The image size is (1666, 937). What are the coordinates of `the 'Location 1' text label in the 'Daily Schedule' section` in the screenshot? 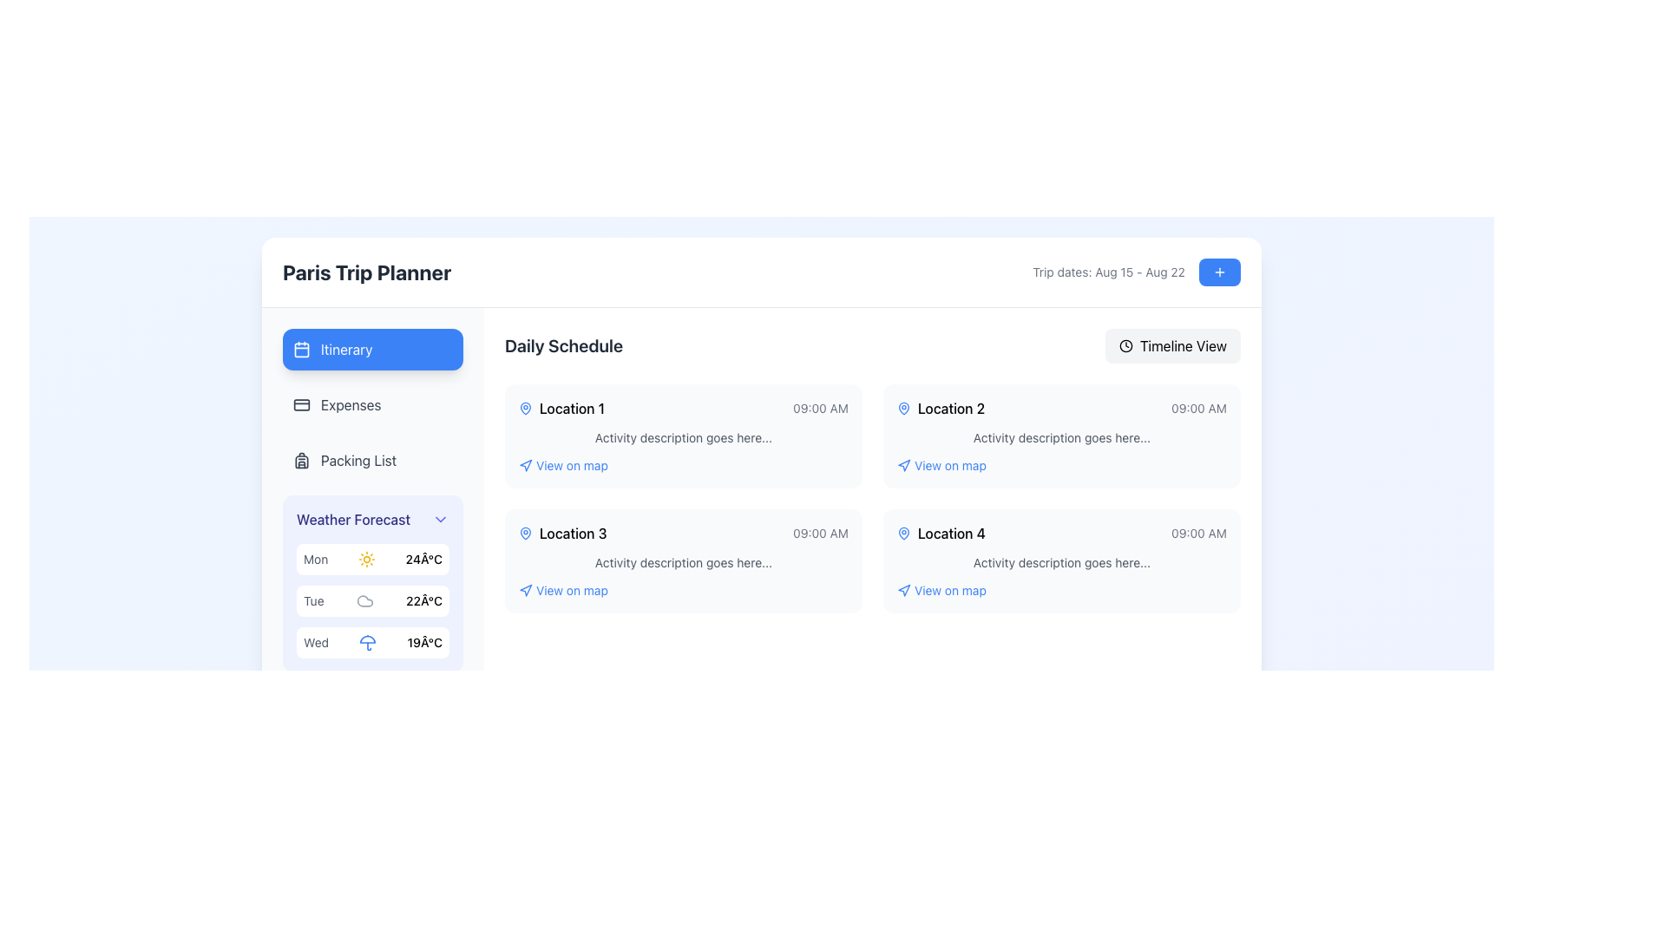 It's located at (572, 408).